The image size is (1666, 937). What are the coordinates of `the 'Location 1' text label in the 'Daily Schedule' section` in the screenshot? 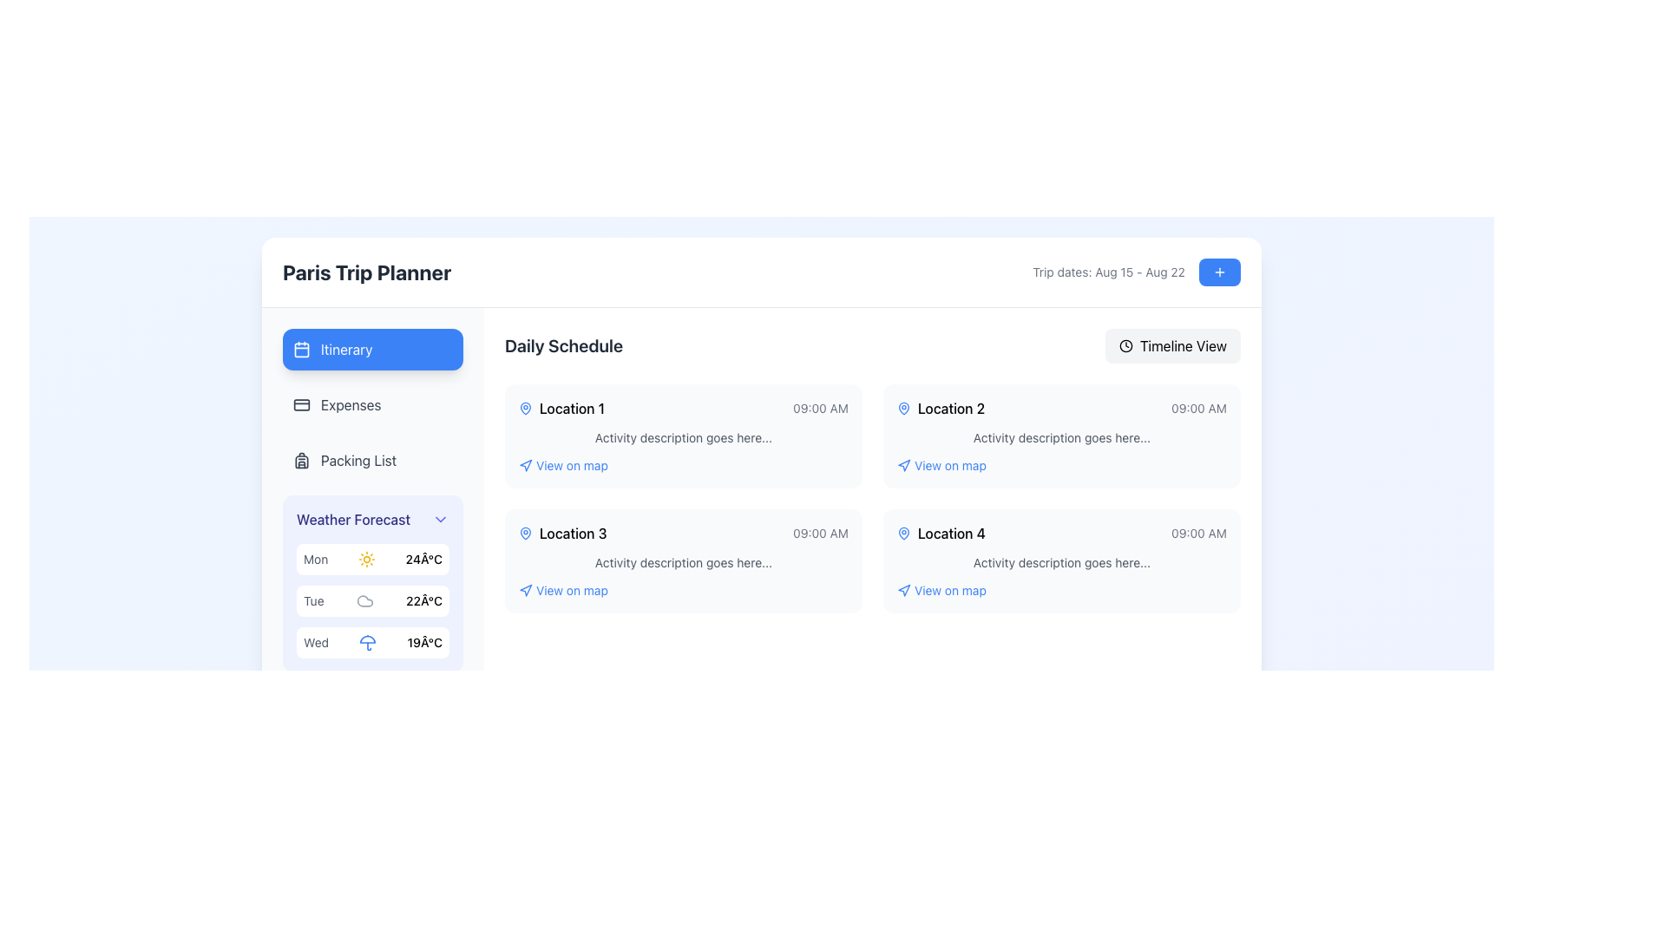 It's located at (572, 408).